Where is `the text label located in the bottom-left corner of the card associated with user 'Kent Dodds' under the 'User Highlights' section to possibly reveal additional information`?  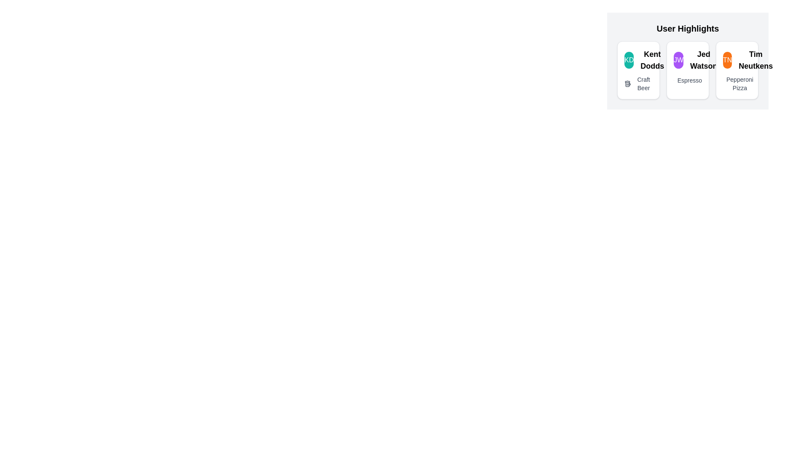 the text label located in the bottom-left corner of the card associated with user 'Kent Dodds' under the 'User Highlights' section to possibly reveal additional information is located at coordinates (643, 84).